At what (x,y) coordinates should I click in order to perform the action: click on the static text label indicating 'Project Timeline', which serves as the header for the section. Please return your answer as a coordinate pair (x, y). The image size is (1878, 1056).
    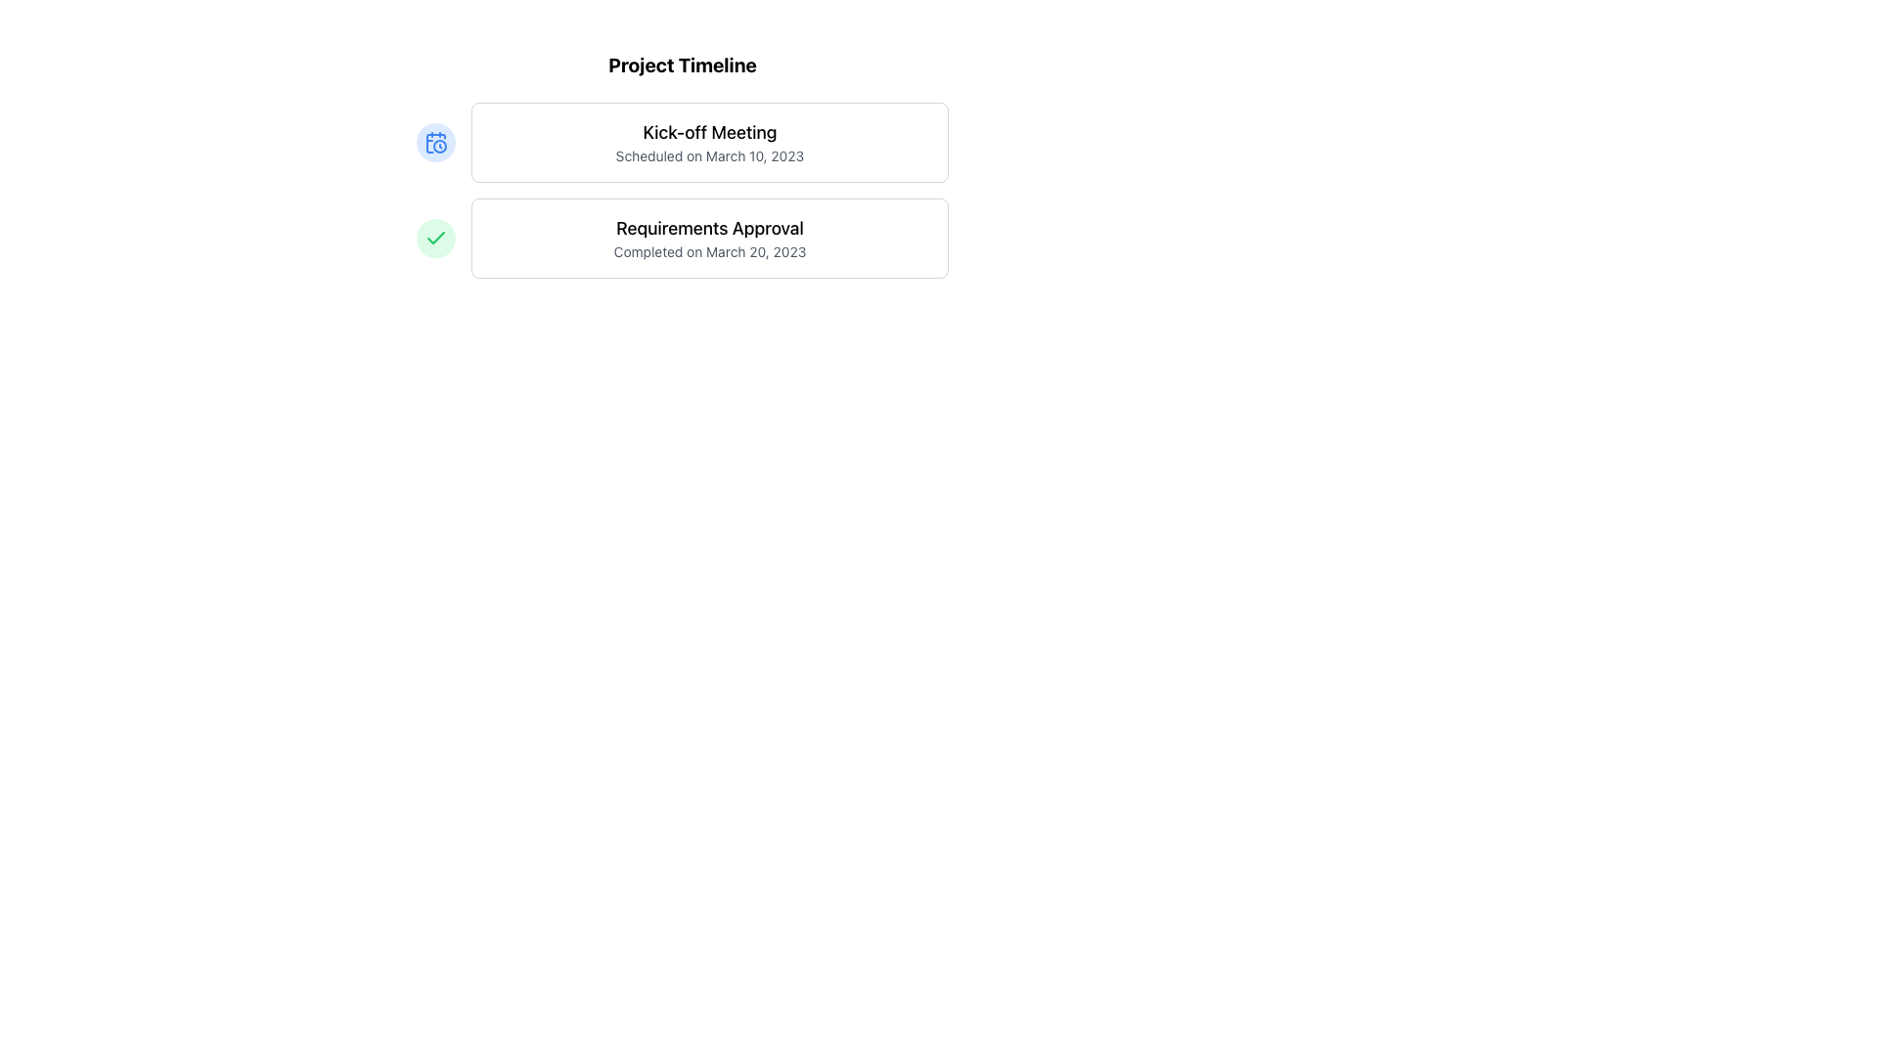
    Looking at the image, I should click on (682, 64).